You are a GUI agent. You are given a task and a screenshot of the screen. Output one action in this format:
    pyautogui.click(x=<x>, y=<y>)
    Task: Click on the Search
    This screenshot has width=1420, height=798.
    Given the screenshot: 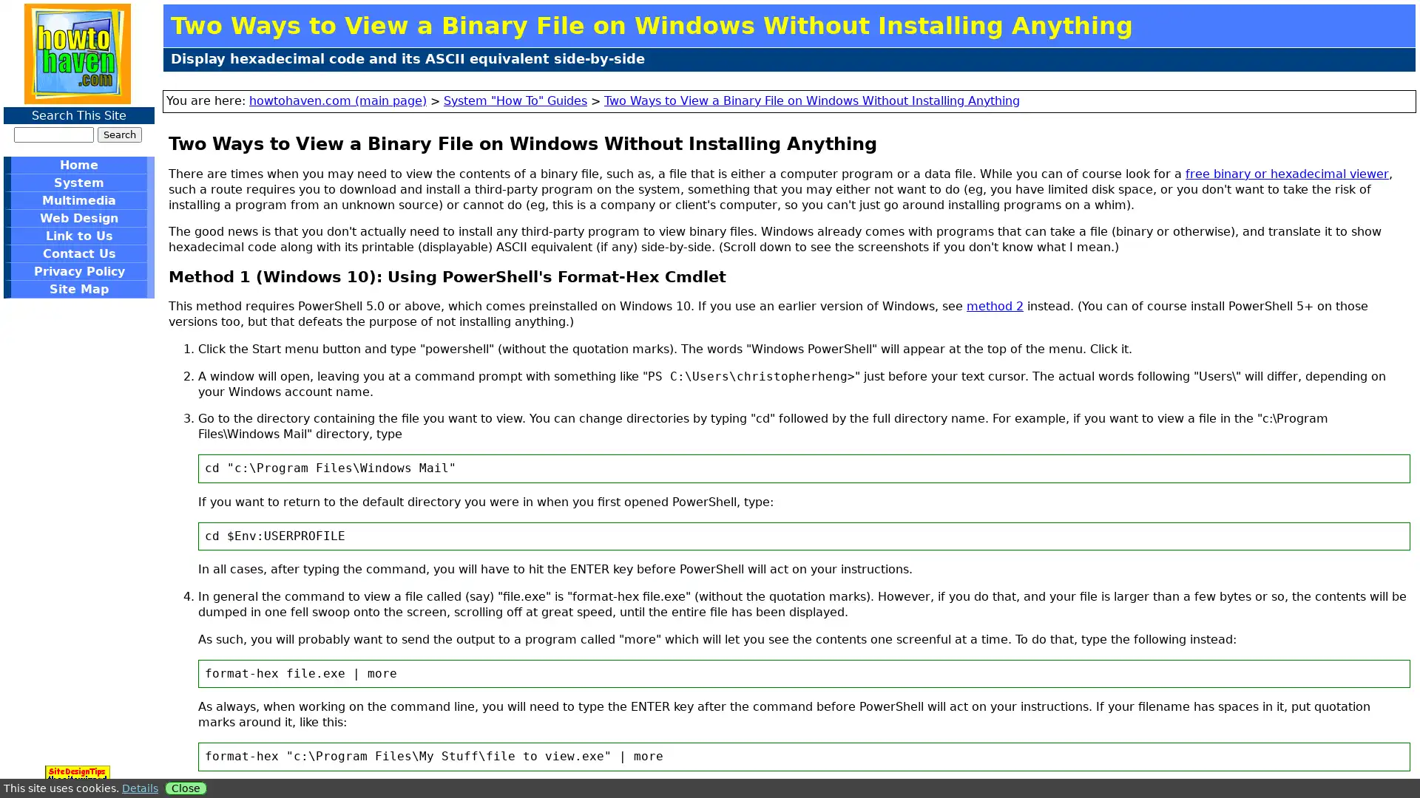 What is the action you would take?
    pyautogui.click(x=119, y=134)
    